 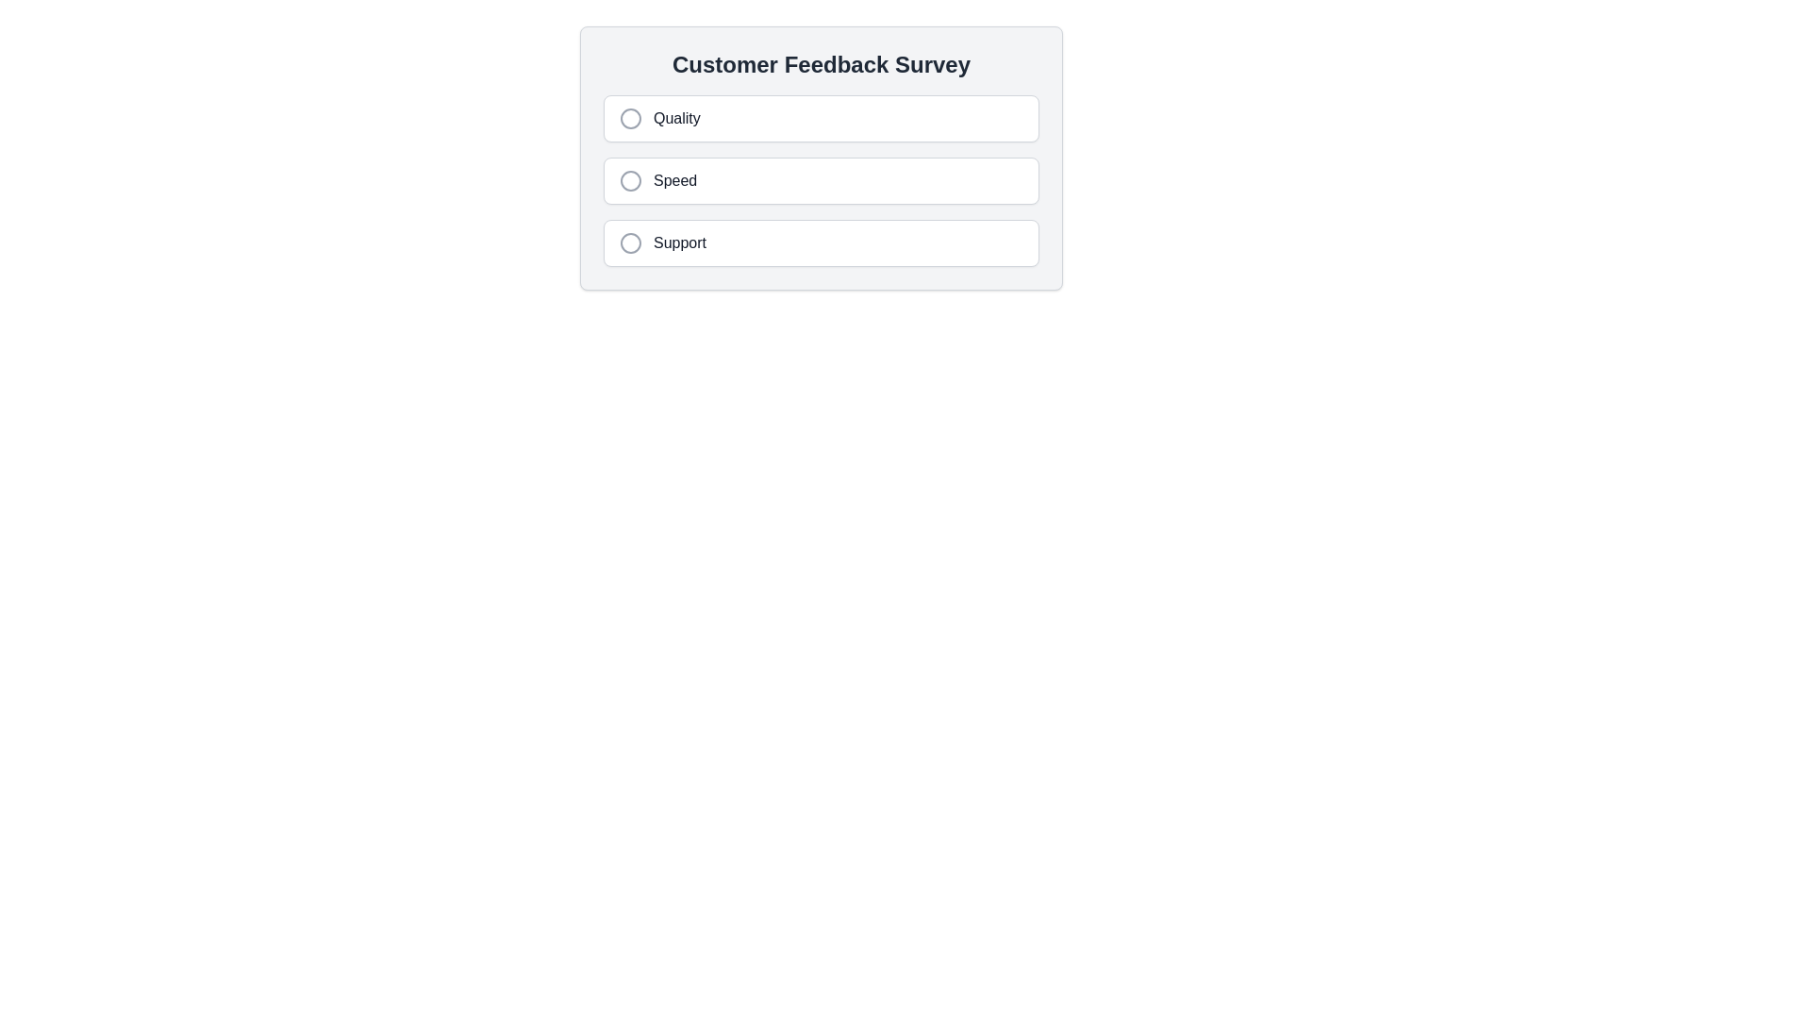 I want to click on the selection status of the 'Quality' radio button indicator, which is the first option in the radio button group of the survey, so click(x=630, y=119).